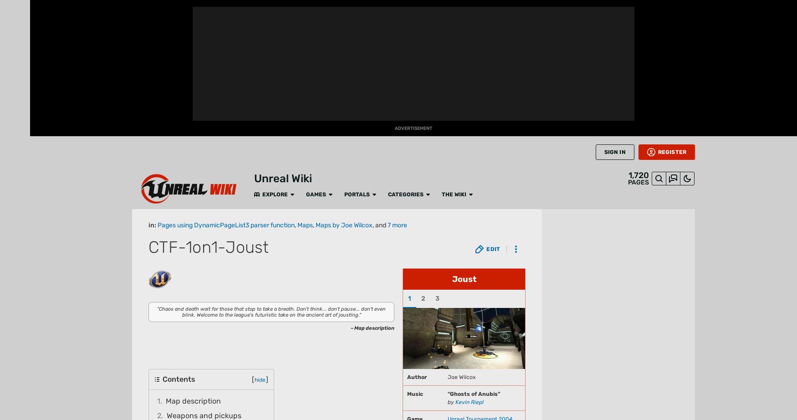 The image size is (797, 420). I want to click on 'Unreal Tournament 3', so click(611, 178).